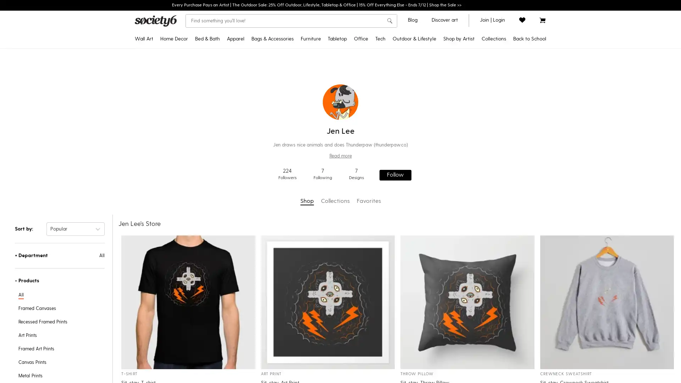  What do you see at coordinates (467, 57) in the screenshot?
I see `Pride MonthNEW` at bounding box center [467, 57].